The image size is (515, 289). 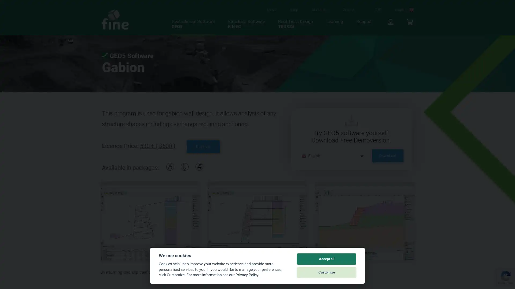 I want to click on Accept all, so click(x=326, y=259).